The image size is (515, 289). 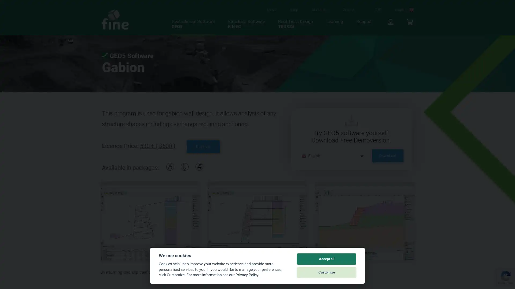 I want to click on Accept all, so click(x=326, y=259).